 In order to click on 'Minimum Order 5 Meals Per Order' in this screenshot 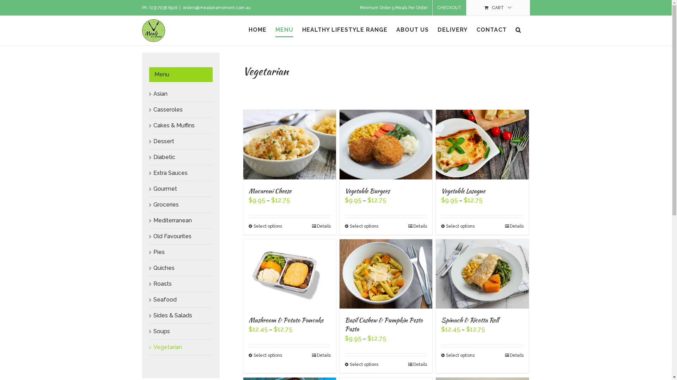, I will do `click(394, 8)`.